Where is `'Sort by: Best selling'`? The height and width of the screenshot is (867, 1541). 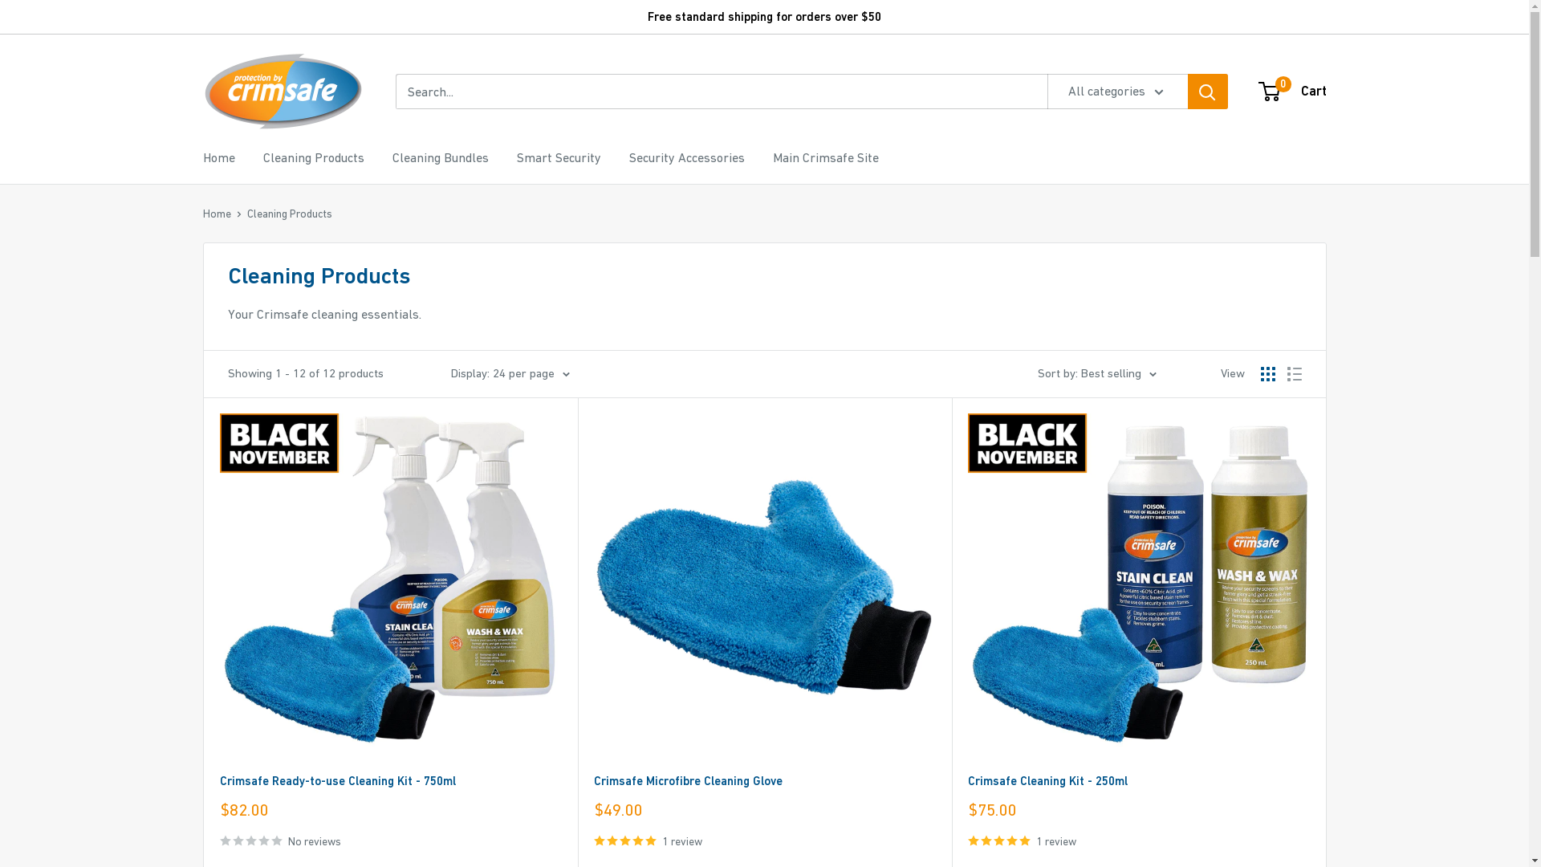 'Sort by: Best selling' is located at coordinates (1096, 373).